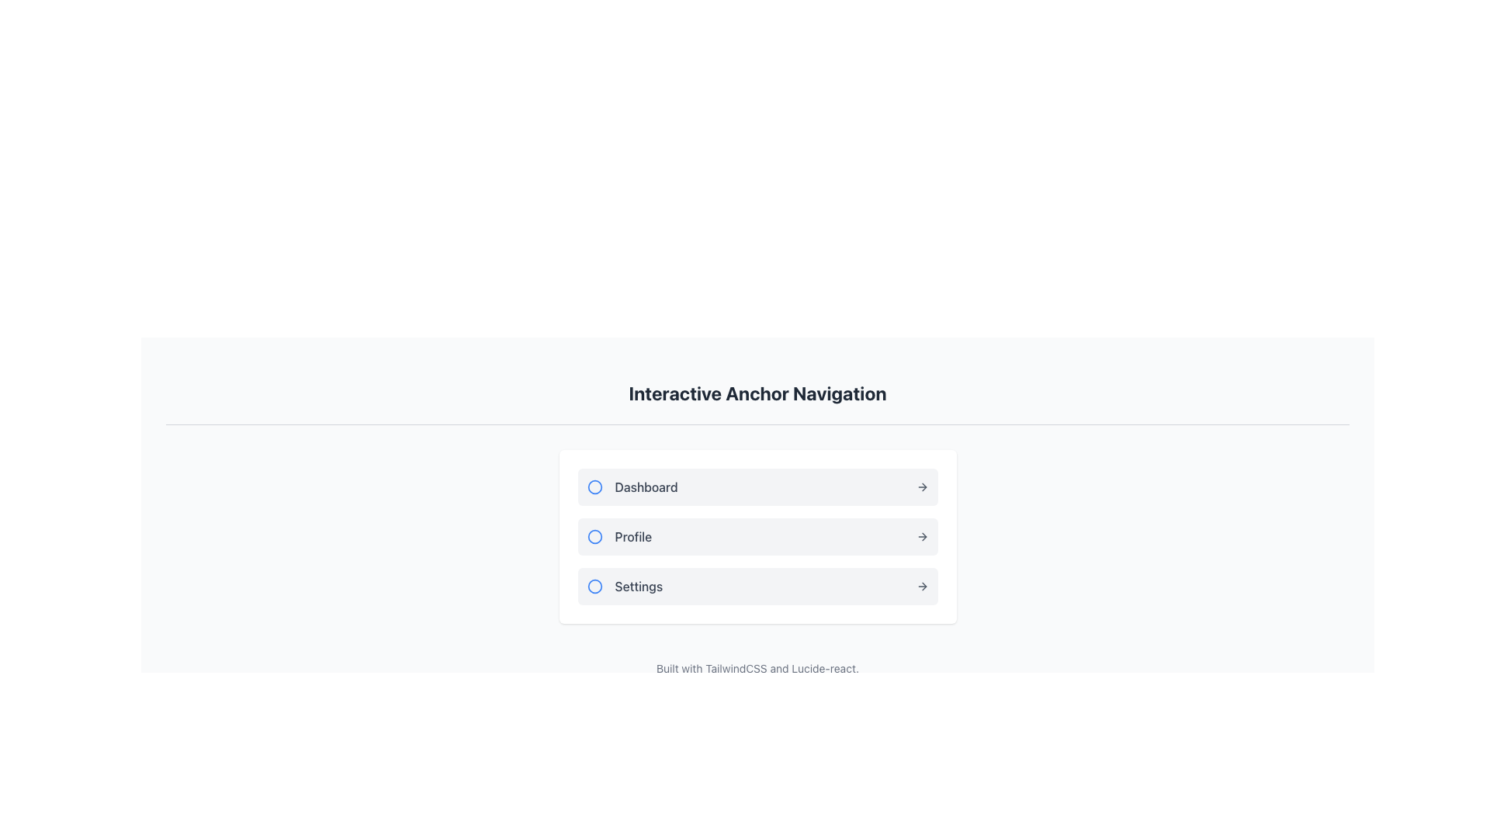 The height and width of the screenshot is (838, 1490). I want to click on the SVG Circle that indicates the selection state for the 'Profile' option in the navigation menu, so click(594, 535).